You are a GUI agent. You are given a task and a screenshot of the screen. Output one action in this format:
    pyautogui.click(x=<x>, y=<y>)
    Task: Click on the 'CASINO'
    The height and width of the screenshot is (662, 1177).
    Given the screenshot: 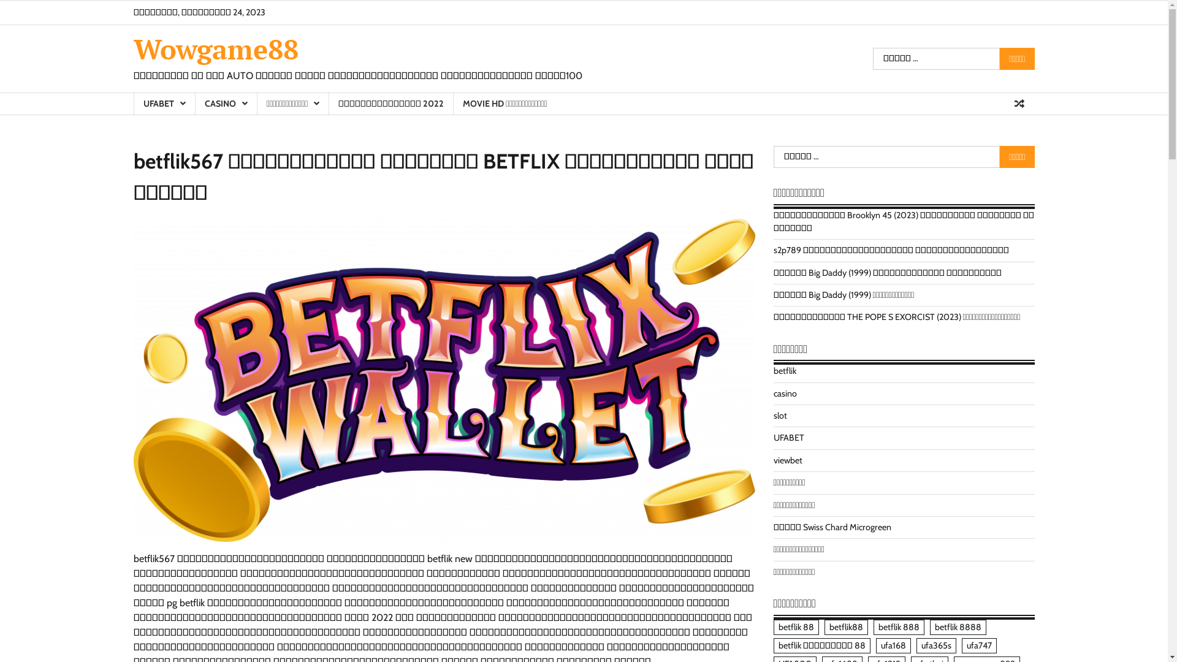 What is the action you would take?
    pyautogui.click(x=226, y=103)
    